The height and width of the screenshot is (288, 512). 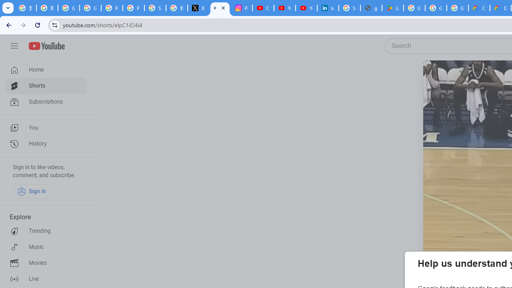 What do you see at coordinates (45, 86) in the screenshot?
I see `'Shorts'` at bounding box center [45, 86].